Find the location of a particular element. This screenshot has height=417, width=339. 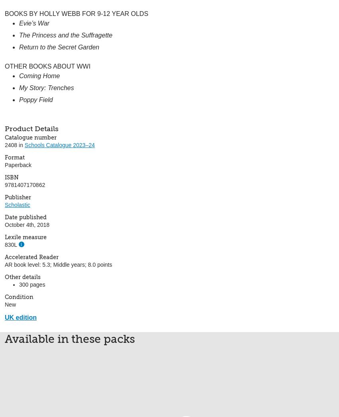

'Publisher' is located at coordinates (18, 197).